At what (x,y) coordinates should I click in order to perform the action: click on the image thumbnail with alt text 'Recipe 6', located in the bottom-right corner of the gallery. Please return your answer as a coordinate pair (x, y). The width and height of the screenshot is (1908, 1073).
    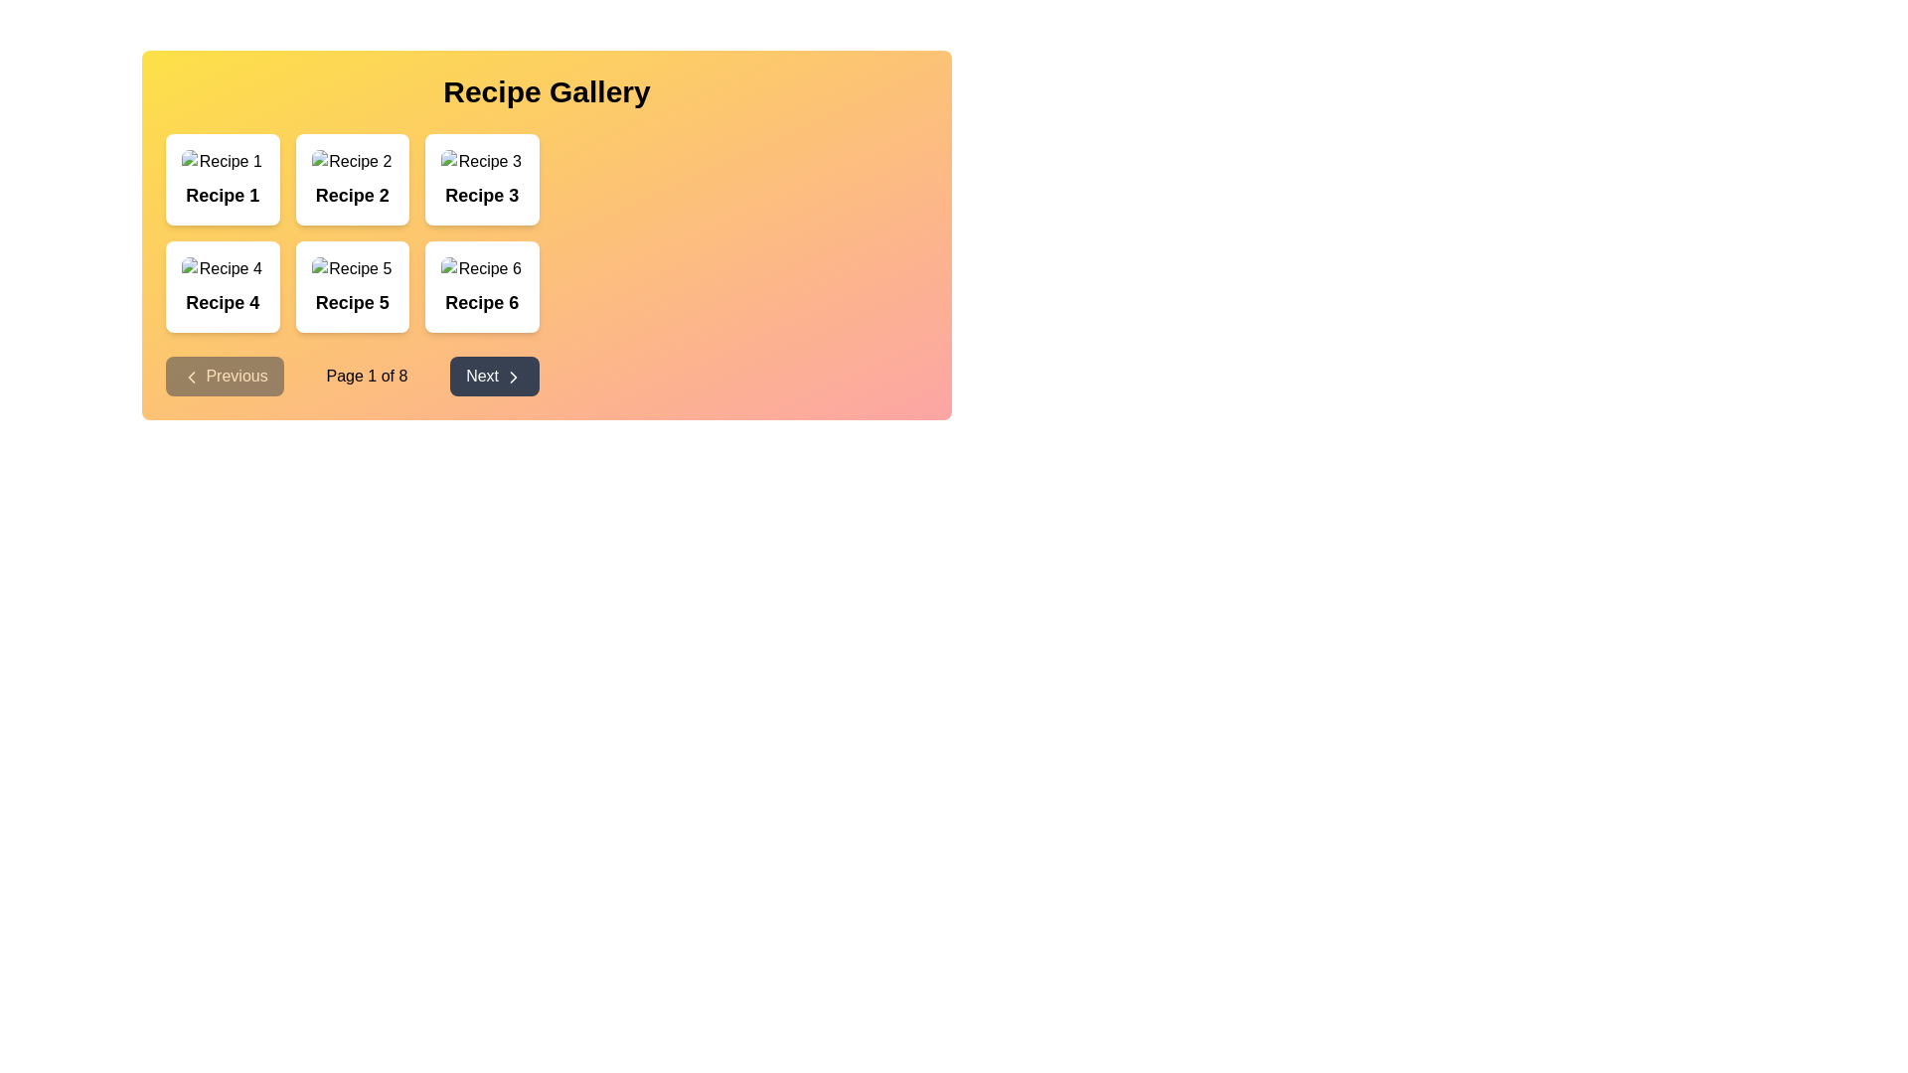
    Looking at the image, I should click on (482, 268).